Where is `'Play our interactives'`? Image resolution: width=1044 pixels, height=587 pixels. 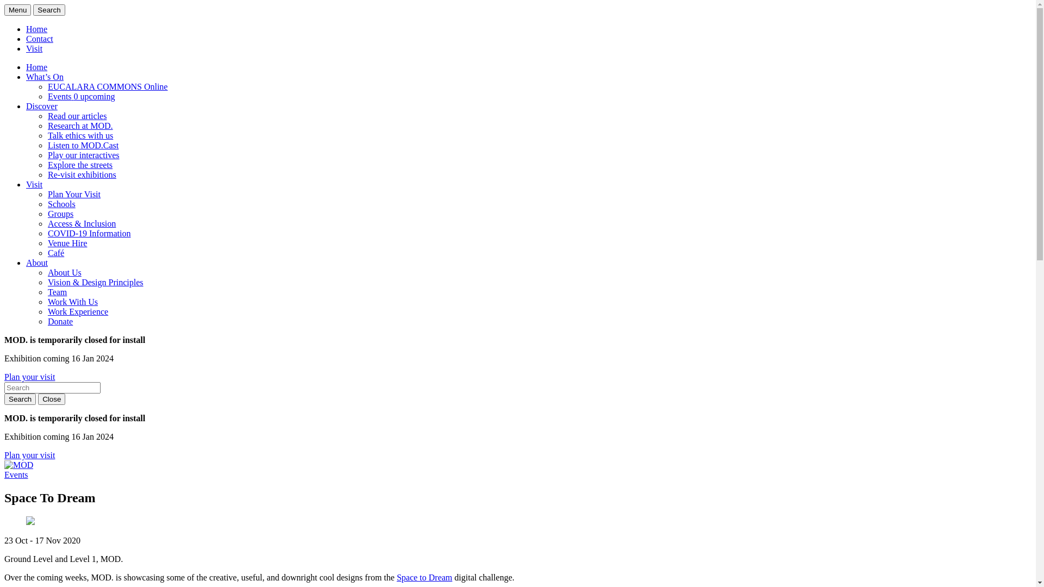 'Play our interactives' is located at coordinates (83, 155).